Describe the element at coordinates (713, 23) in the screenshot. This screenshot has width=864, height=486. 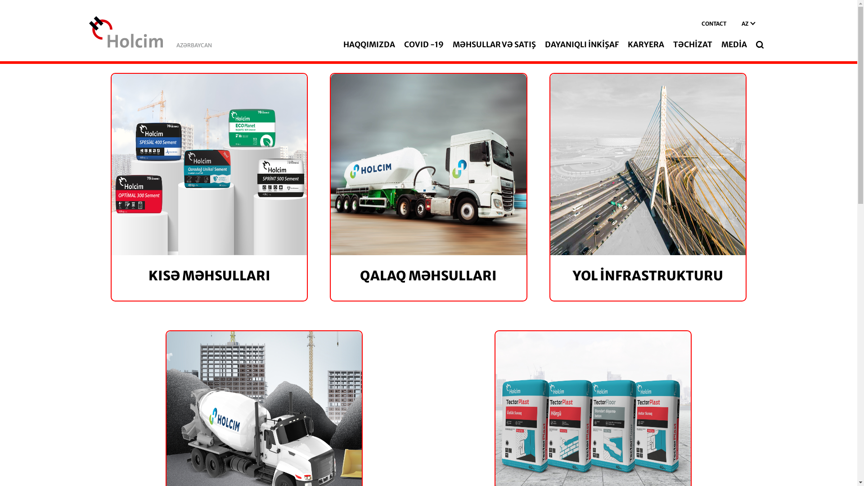
I see `'CONTACT'` at that location.